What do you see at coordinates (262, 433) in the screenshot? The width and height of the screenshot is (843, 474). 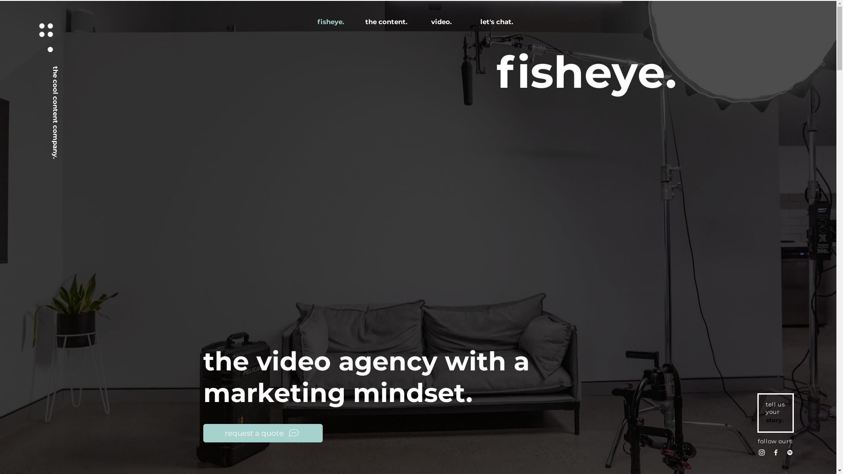 I see `'request a quote'` at bounding box center [262, 433].